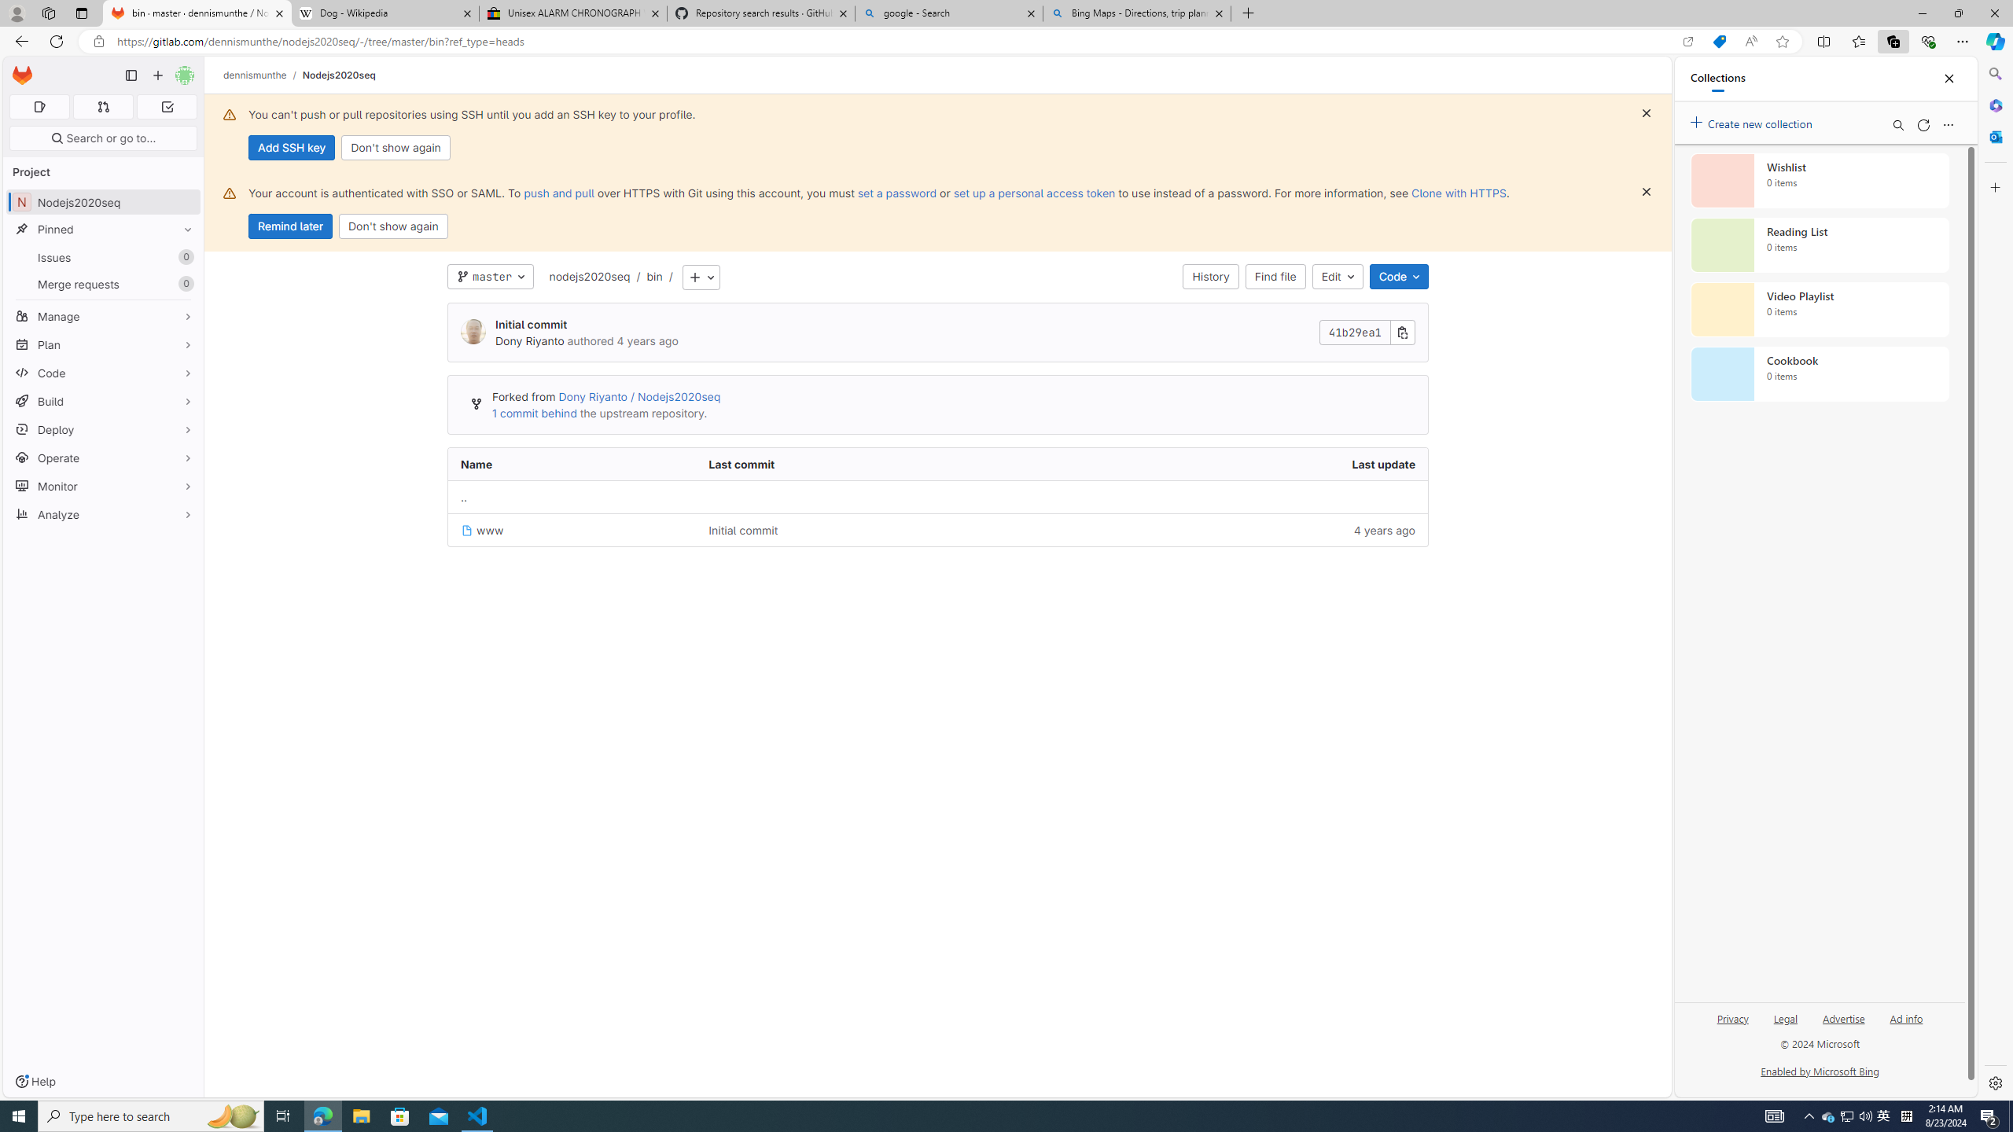 This screenshot has height=1132, width=2013. Describe the element at coordinates (464, 496) in the screenshot. I see `'Go to parent'` at that location.